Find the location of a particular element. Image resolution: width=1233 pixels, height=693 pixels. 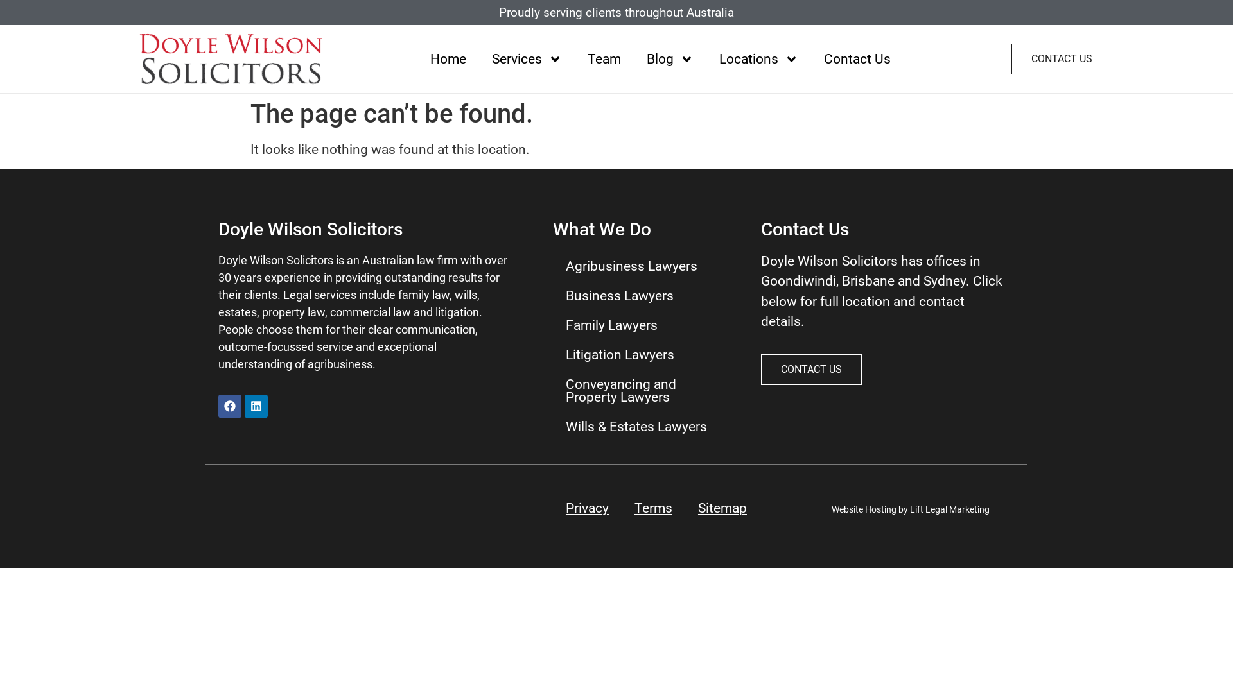

'Litigation Lawyers' is located at coordinates (644, 354).